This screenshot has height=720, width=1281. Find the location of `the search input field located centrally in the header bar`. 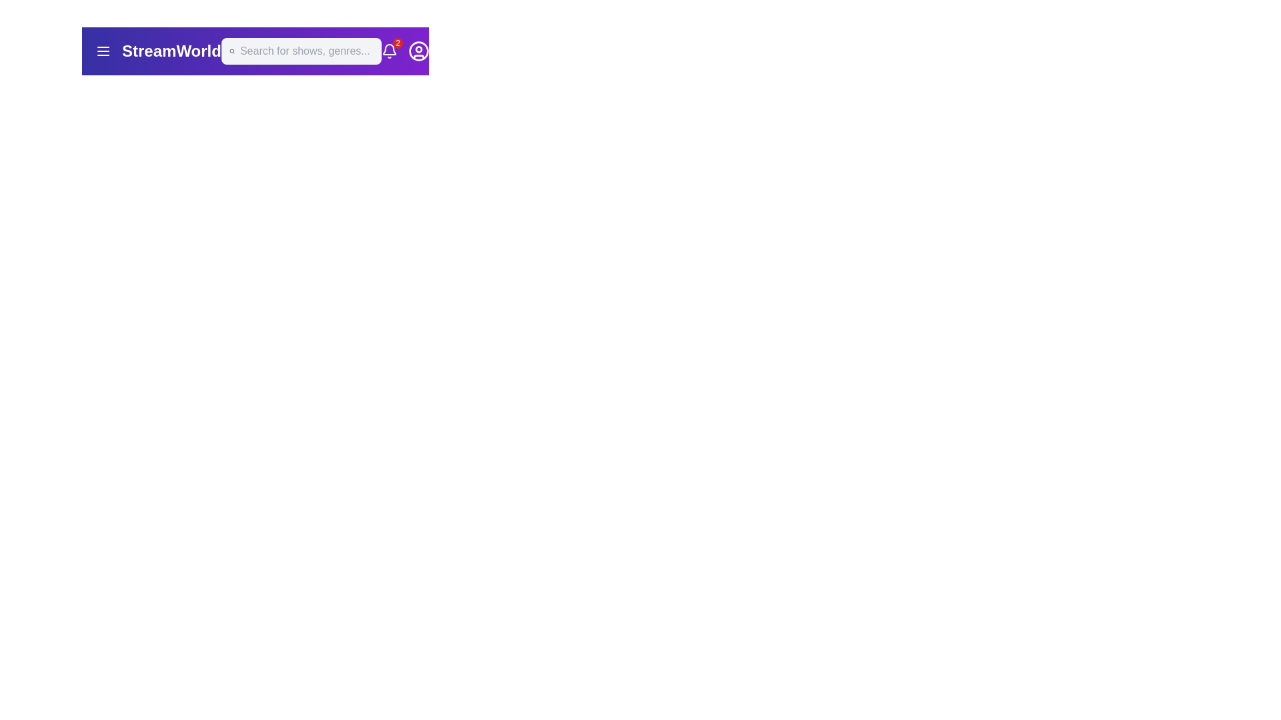

the search input field located centrally in the header bar is located at coordinates (256, 51).